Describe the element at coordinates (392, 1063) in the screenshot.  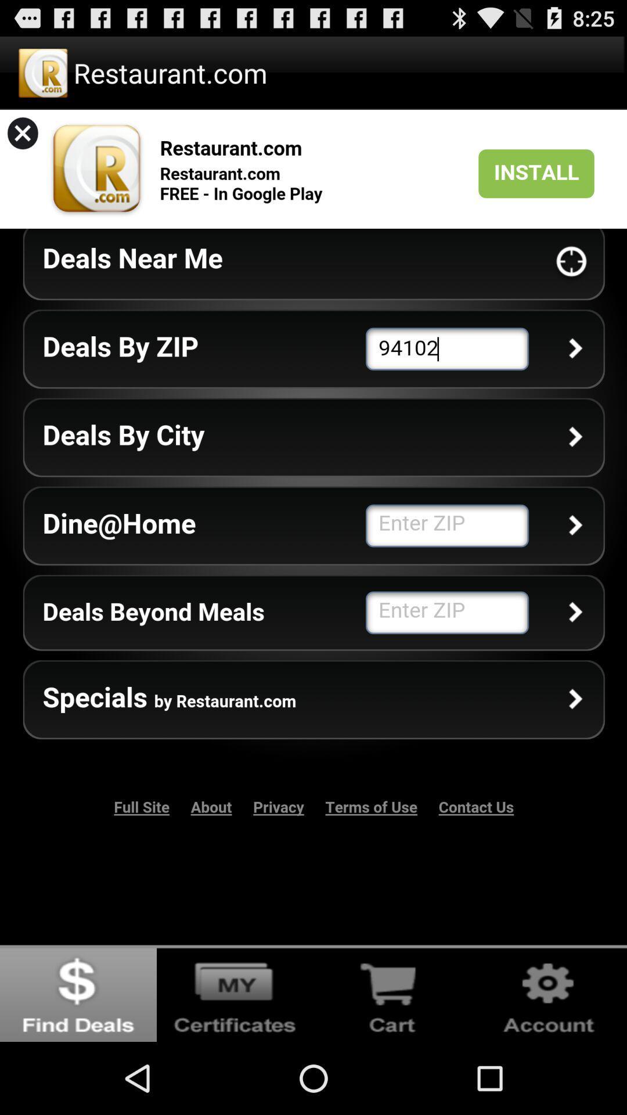
I see `the cart icon` at that location.